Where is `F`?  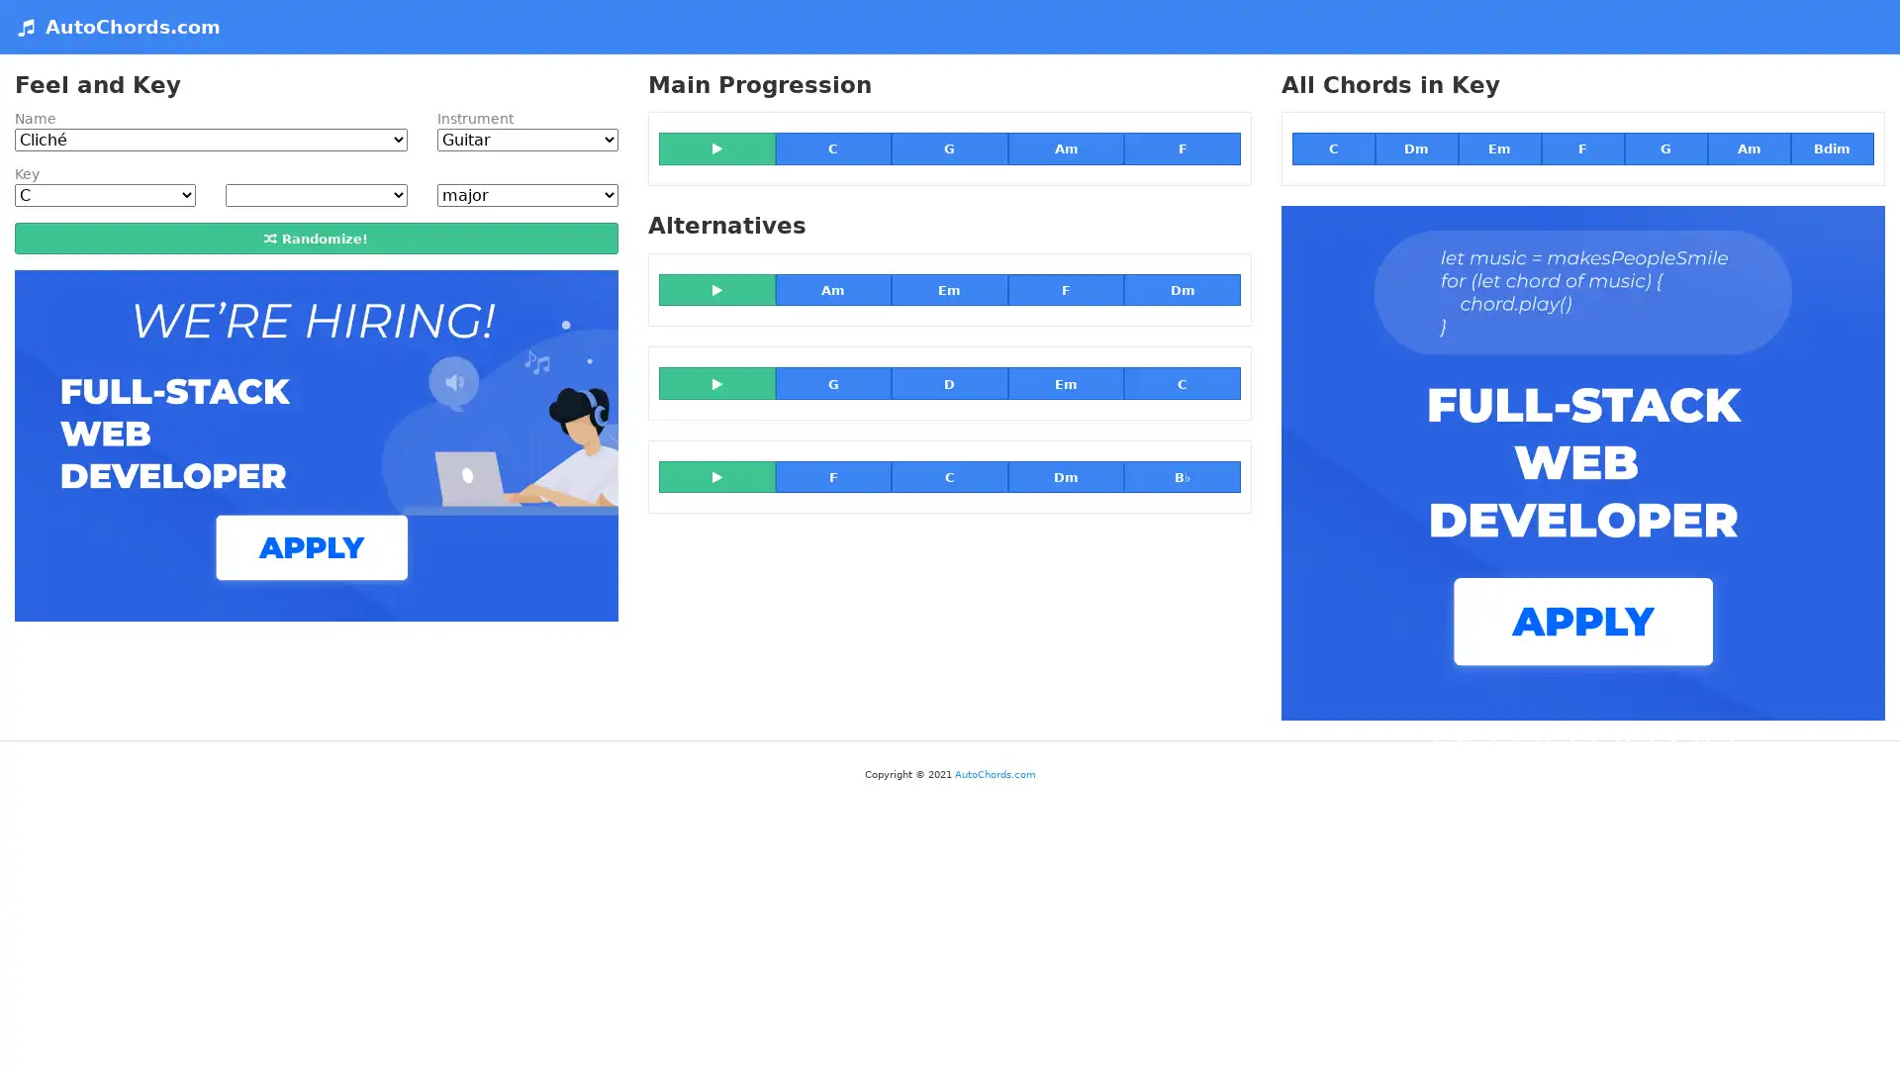
F is located at coordinates (1580, 147).